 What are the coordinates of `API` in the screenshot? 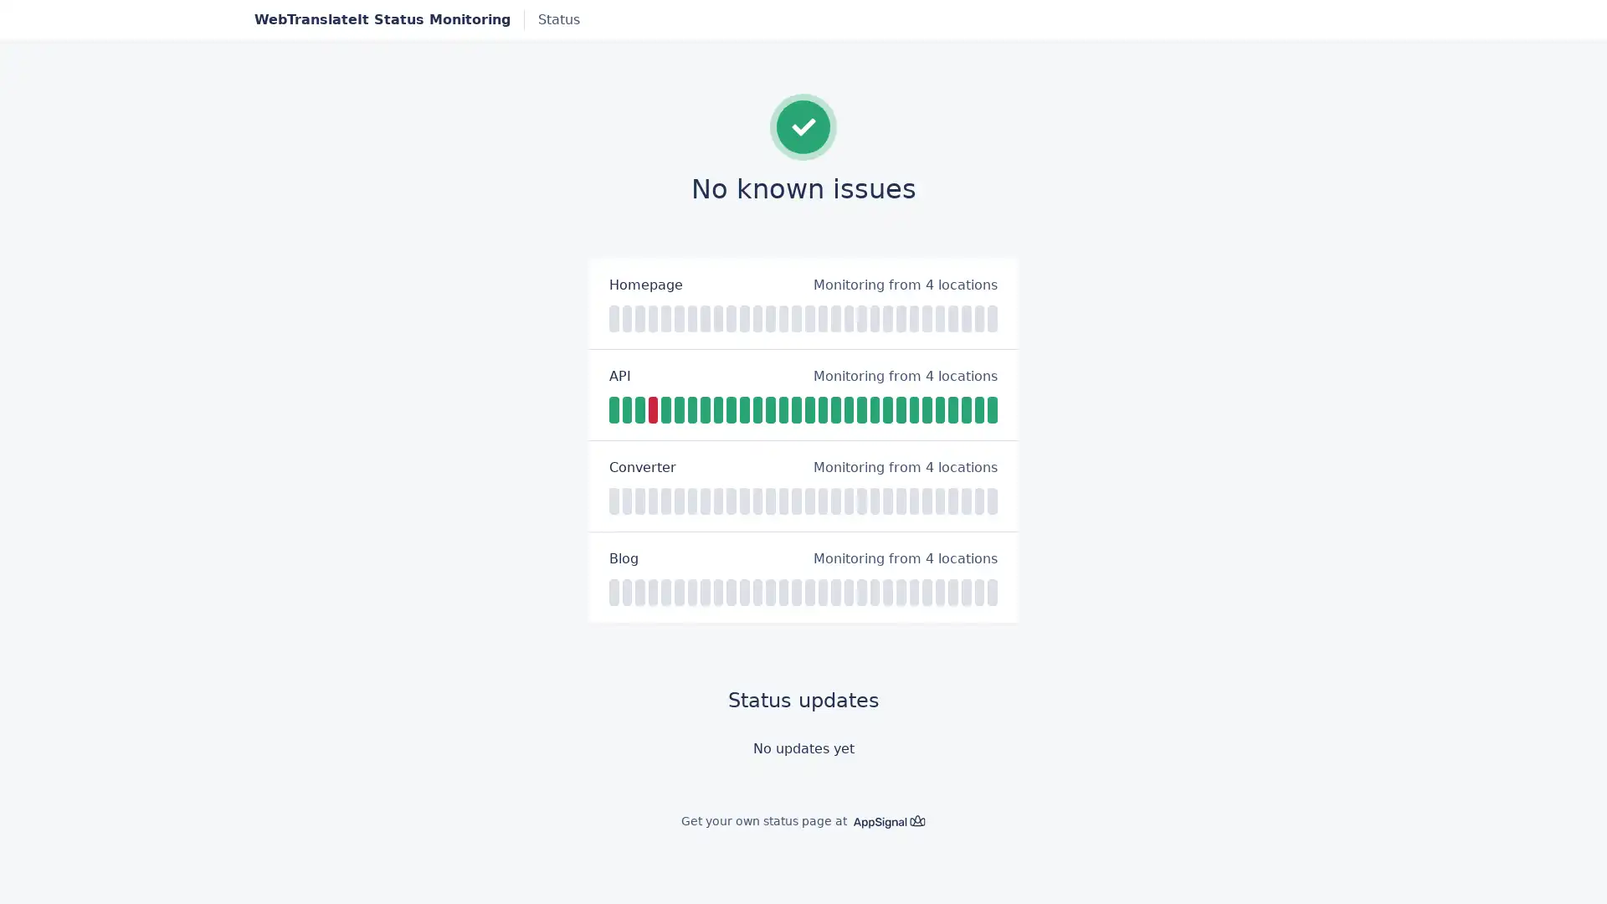 It's located at (619, 374).